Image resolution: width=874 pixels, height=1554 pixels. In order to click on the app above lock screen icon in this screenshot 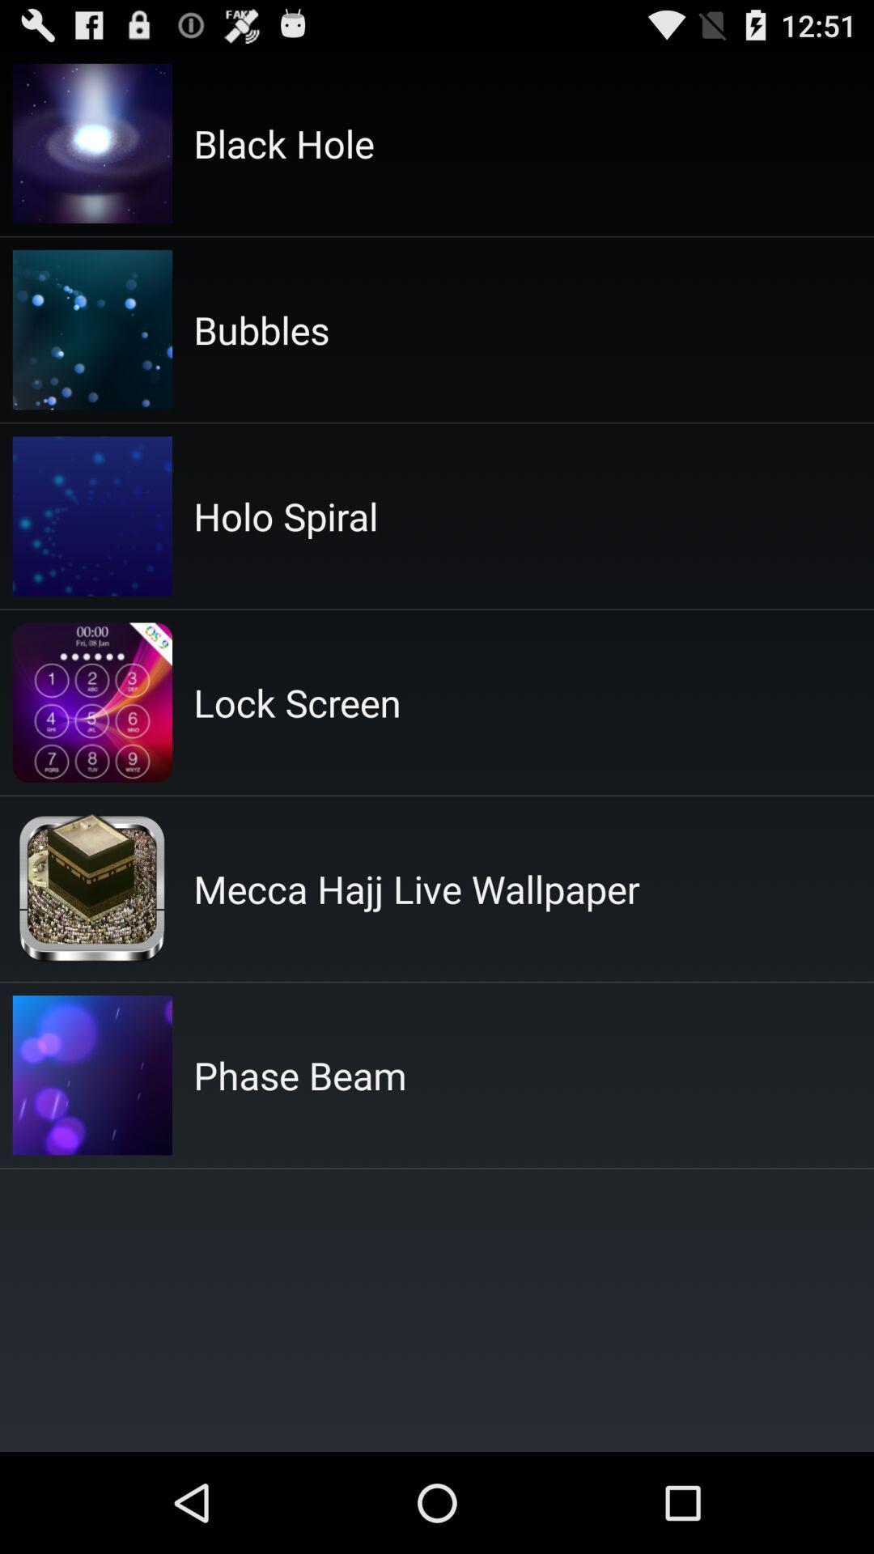, I will do `click(285, 515)`.